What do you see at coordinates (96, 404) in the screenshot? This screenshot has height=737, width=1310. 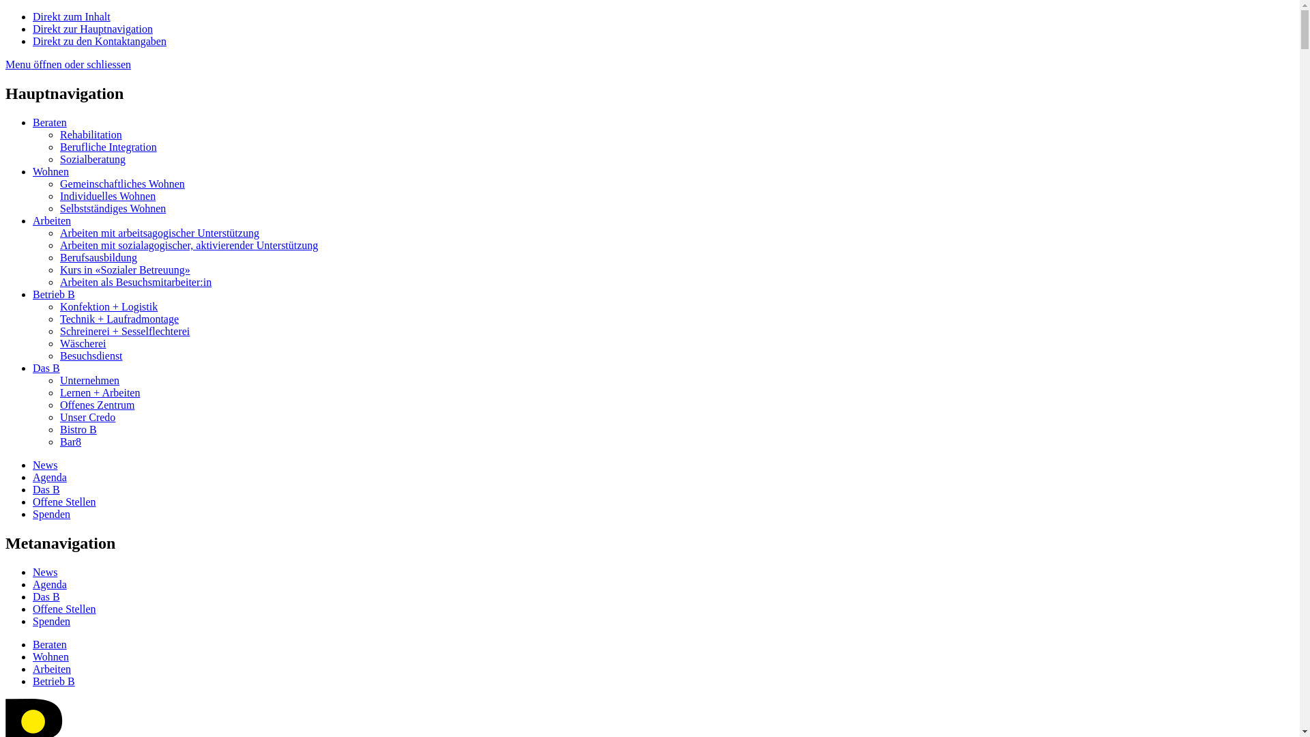 I see `'Offenes Zentrum'` at bounding box center [96, 404].